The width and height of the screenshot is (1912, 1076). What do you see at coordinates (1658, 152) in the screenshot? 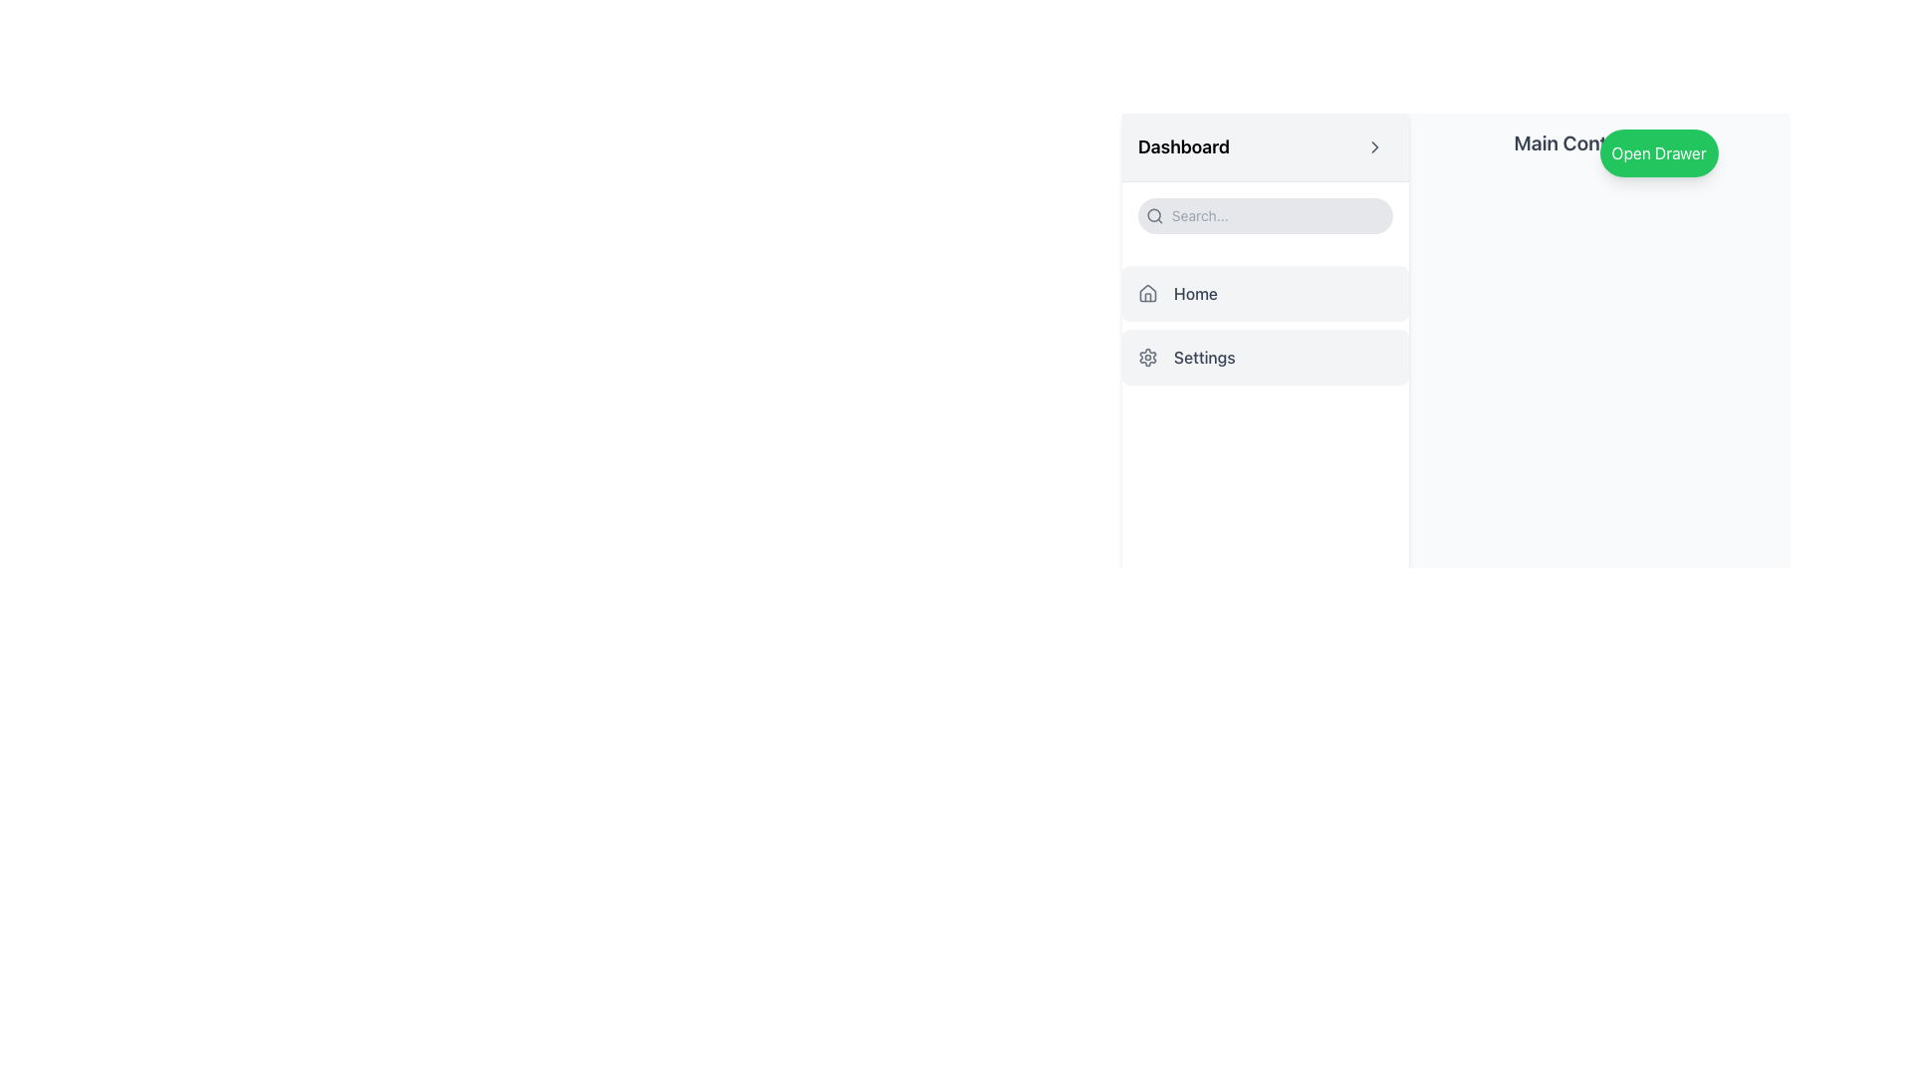
I see `the green button with rounded shape and white text that reads 'Open Drawer'` at bounding box center [1658, 152].